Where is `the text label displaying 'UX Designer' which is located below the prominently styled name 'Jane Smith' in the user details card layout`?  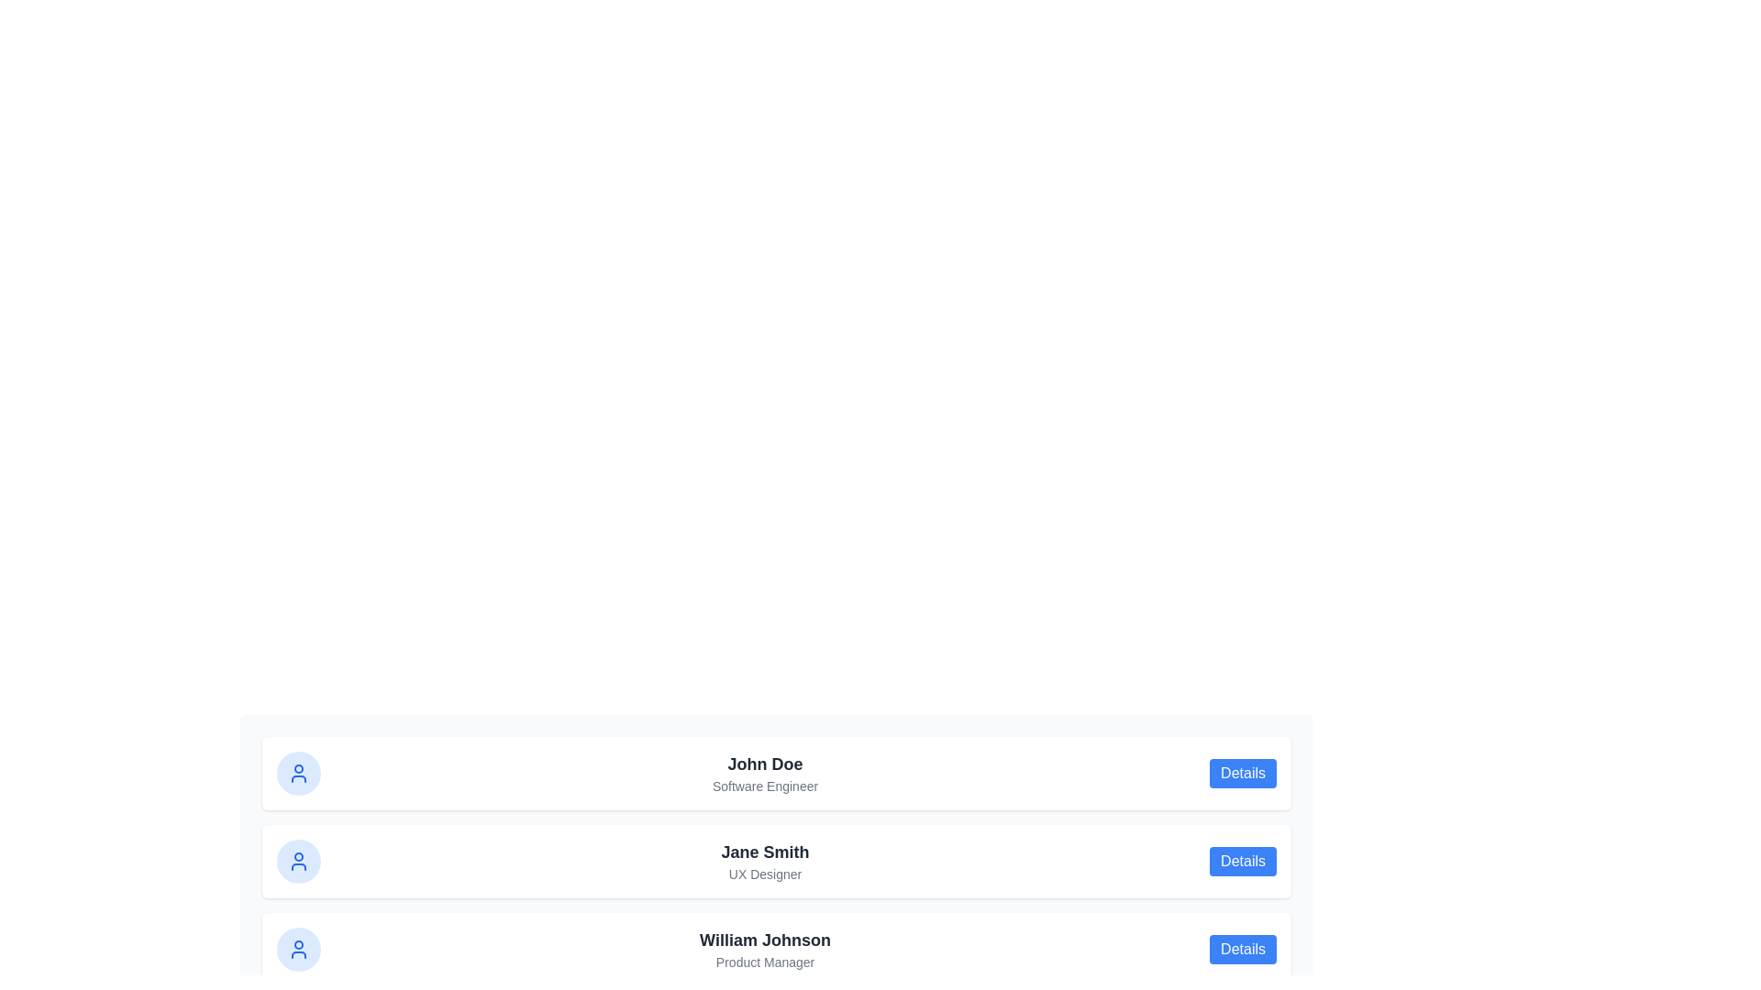
the text label displaying 'UX Designer' which is located below the prominently styled name 'Jane Smith' in the user details card layout is located at coordinates (765, 873).